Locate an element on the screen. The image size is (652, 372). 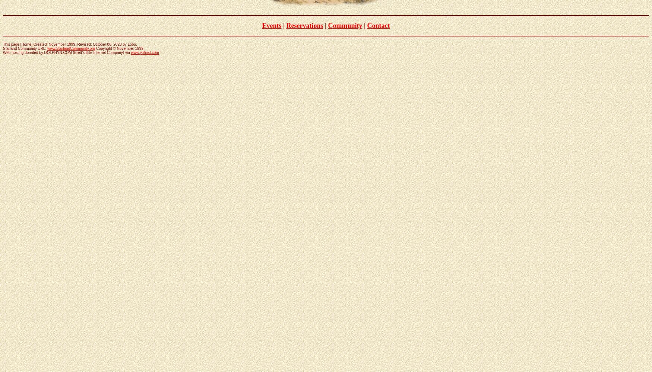
'Starland Community           URL:' is located at coordinates (3, 48).